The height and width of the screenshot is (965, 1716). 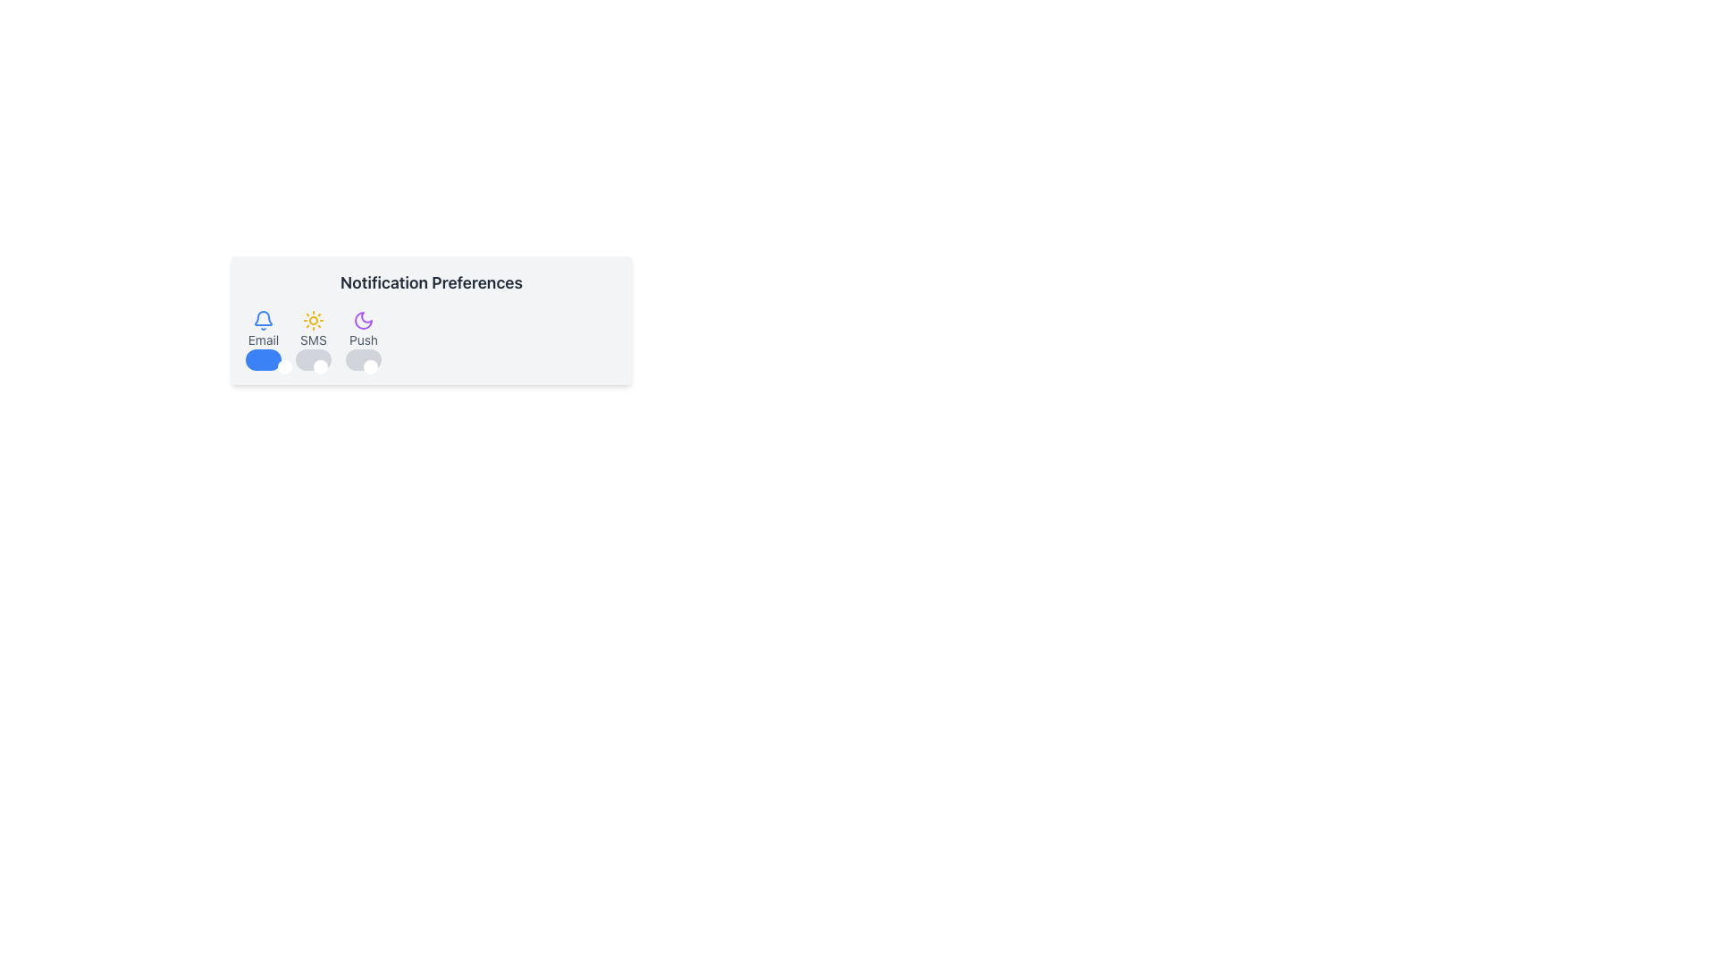 What do you see at coordinates (363, 359) in the screenshot?
I see `the toggle switch labeled 'Push', which is the third toggle from the left in the Notification Preferences section` at bounding box center [363, 359].